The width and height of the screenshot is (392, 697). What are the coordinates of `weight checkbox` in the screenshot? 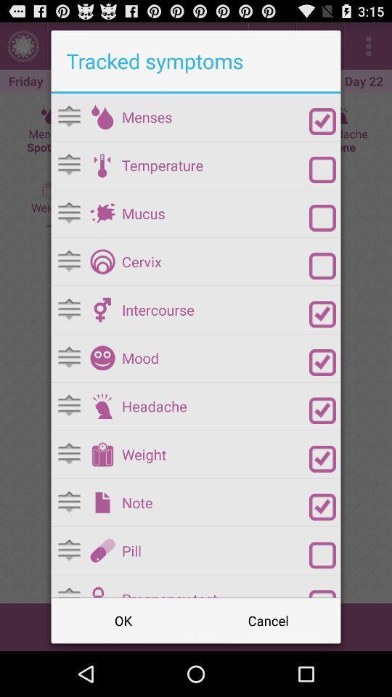 It's located at (322, 458).